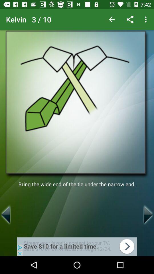 The height and width of the screenshot is (274, 154). What do you see at coordinates (77, 246) in the screenshot?
I see `advertisement` at bounding box center [77, 246].